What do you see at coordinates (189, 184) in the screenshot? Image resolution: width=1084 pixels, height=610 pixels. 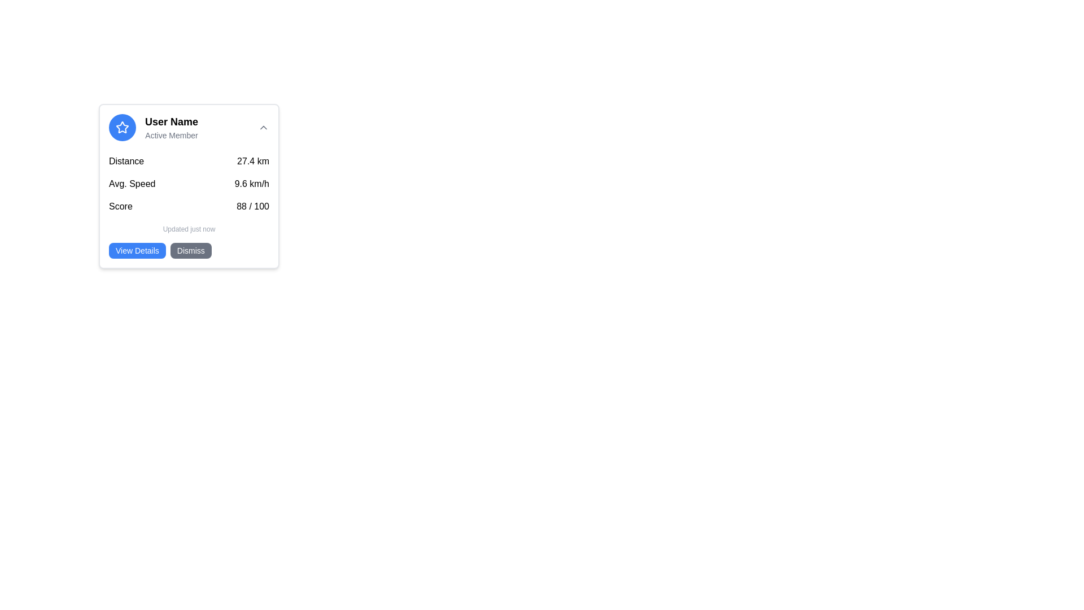 I see `the Metric Display that shows the average speed metric, located in the second row of the vertical list between 'Distance' and 'Score'` at bounding box center [189, 184].